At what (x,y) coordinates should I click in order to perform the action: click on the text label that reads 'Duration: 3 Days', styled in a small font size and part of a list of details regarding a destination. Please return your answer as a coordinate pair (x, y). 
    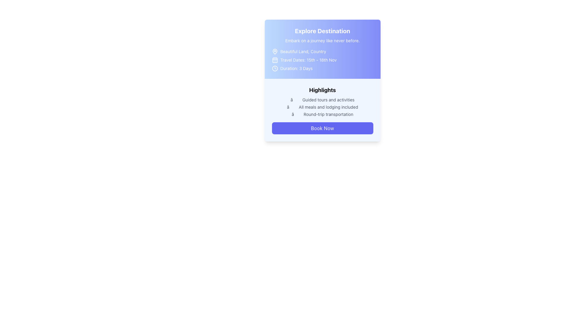
    Looking at the image, I should click on (296, 68).